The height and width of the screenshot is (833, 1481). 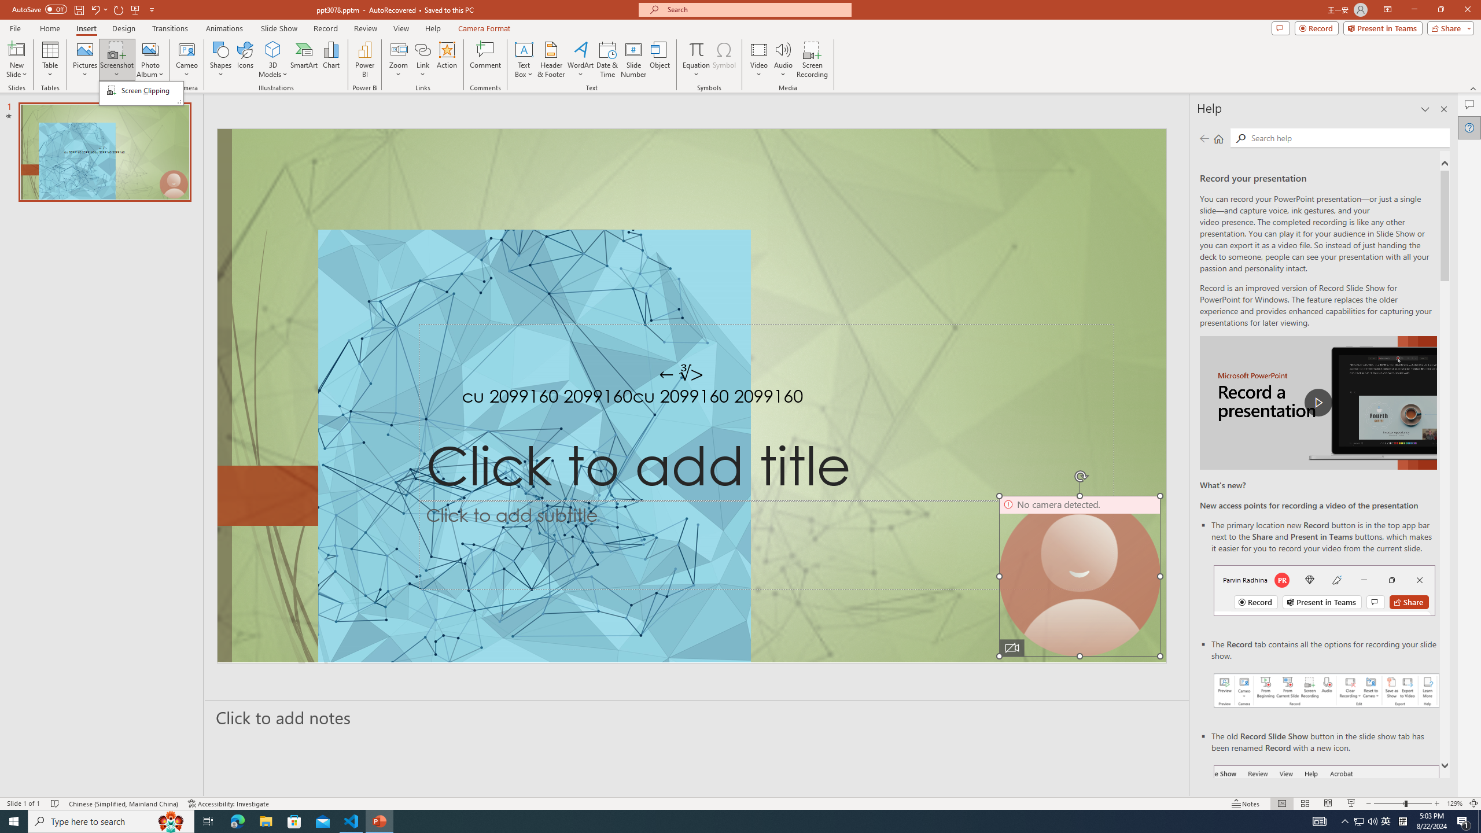 I want to click on 'play Record a Presentation', so click(x=1318, y=403).